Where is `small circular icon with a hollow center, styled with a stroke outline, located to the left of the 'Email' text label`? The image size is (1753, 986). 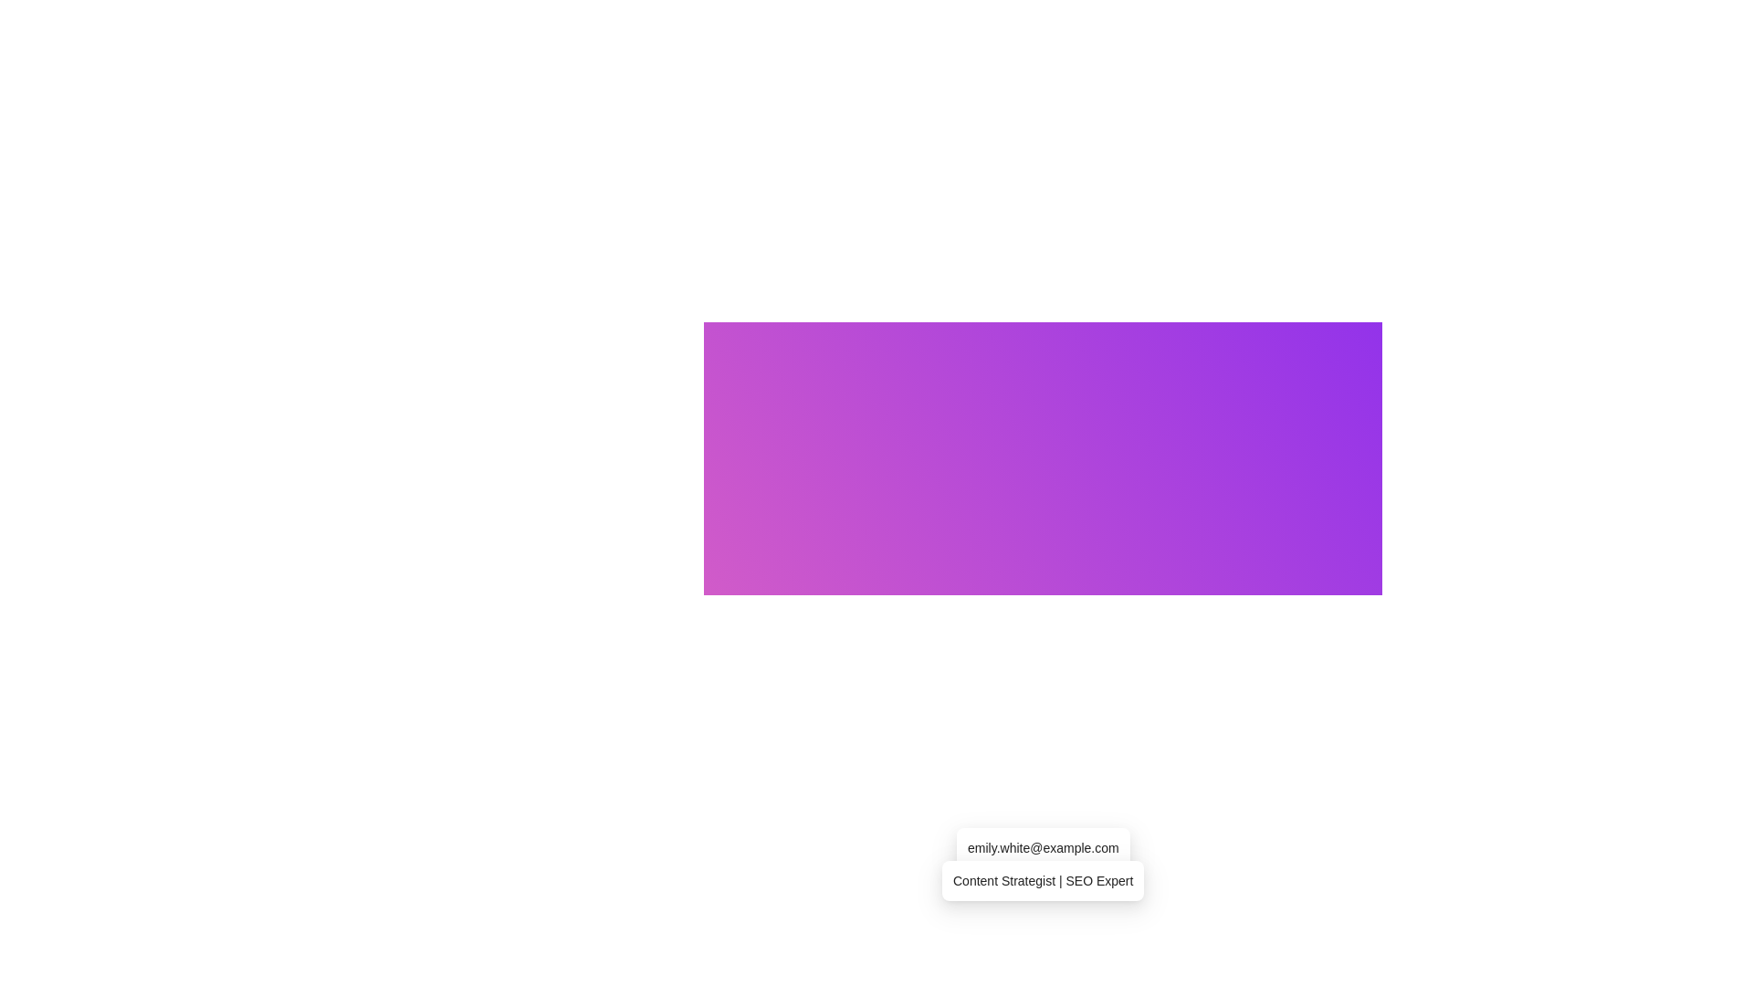
small circular icon with a hollow center, styled with a stroke outline, located to the left of the 'Email' text label is located at coordinates (928, 848).